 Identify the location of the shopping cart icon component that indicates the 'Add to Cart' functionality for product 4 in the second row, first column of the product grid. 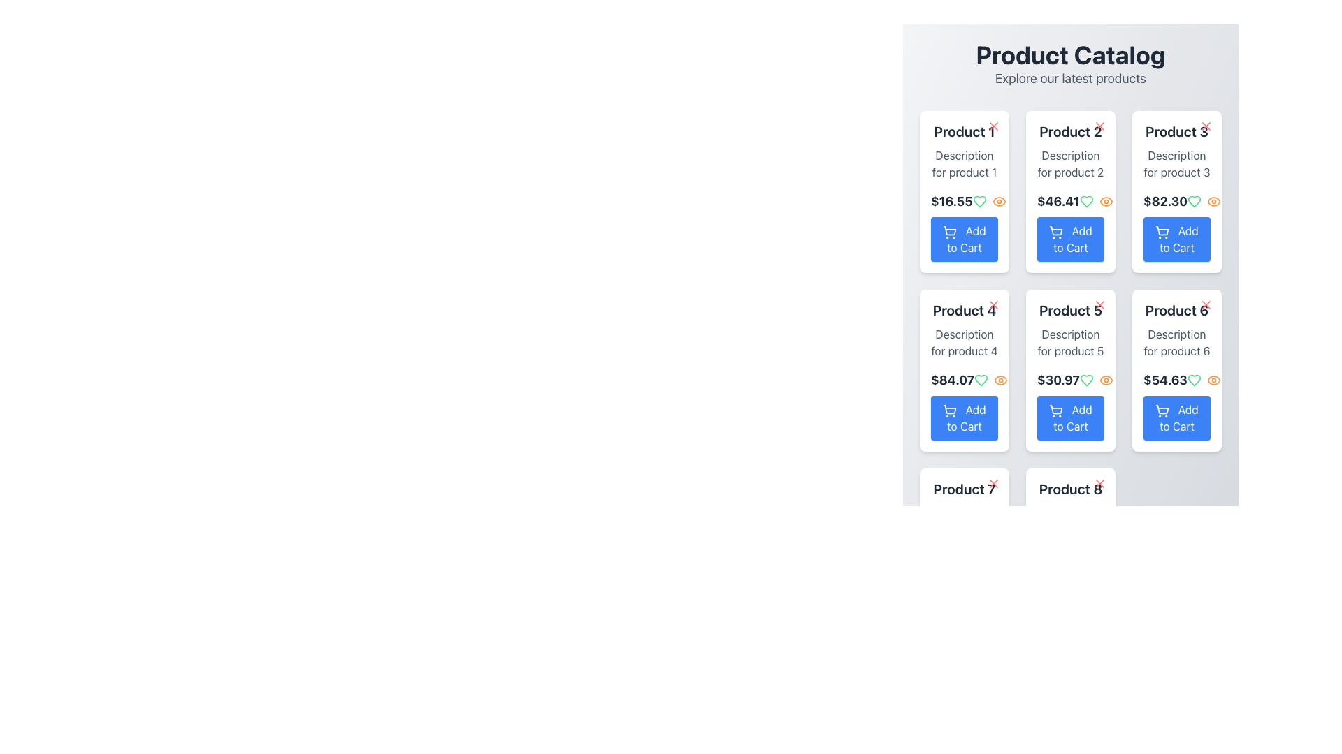
(950, 408).